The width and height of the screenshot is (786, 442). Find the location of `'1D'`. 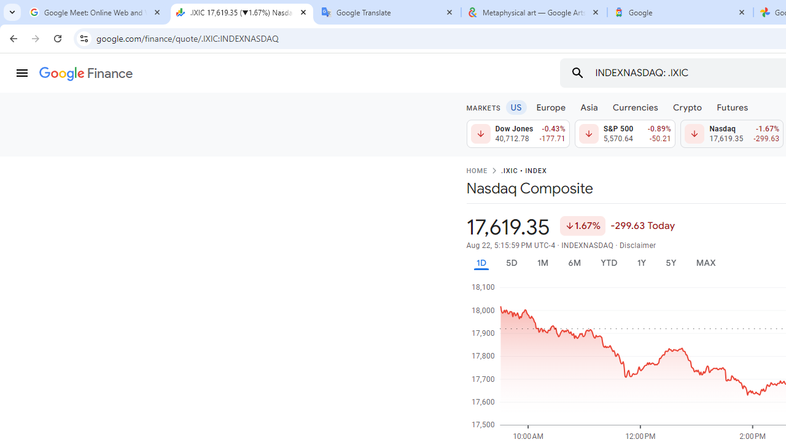

'1D' is located at coordinates (480, 262).